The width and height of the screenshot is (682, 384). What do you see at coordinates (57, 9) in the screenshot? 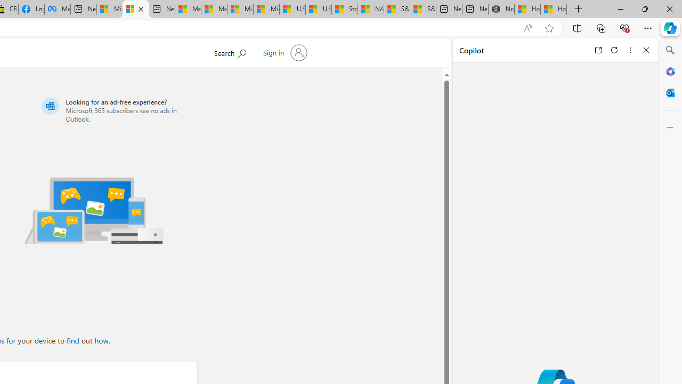
I see `'Meta Store'` at bounding box center [57, 9].